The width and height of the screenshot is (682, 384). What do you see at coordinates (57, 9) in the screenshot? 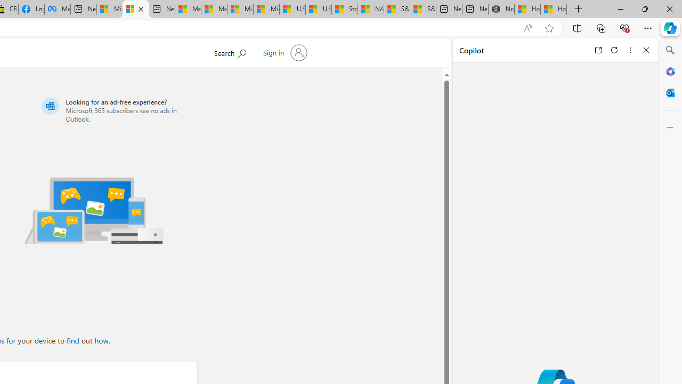
I see `'Meta Store'` at bounding box center [57, 9].